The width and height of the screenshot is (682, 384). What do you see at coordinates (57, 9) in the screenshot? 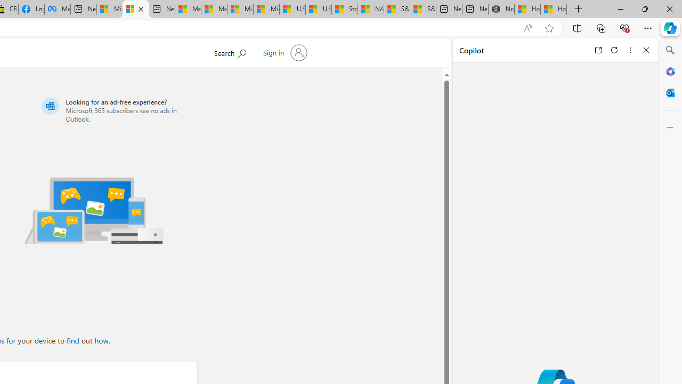
I see `'Meta Store'` at bounding box center [57, 9].